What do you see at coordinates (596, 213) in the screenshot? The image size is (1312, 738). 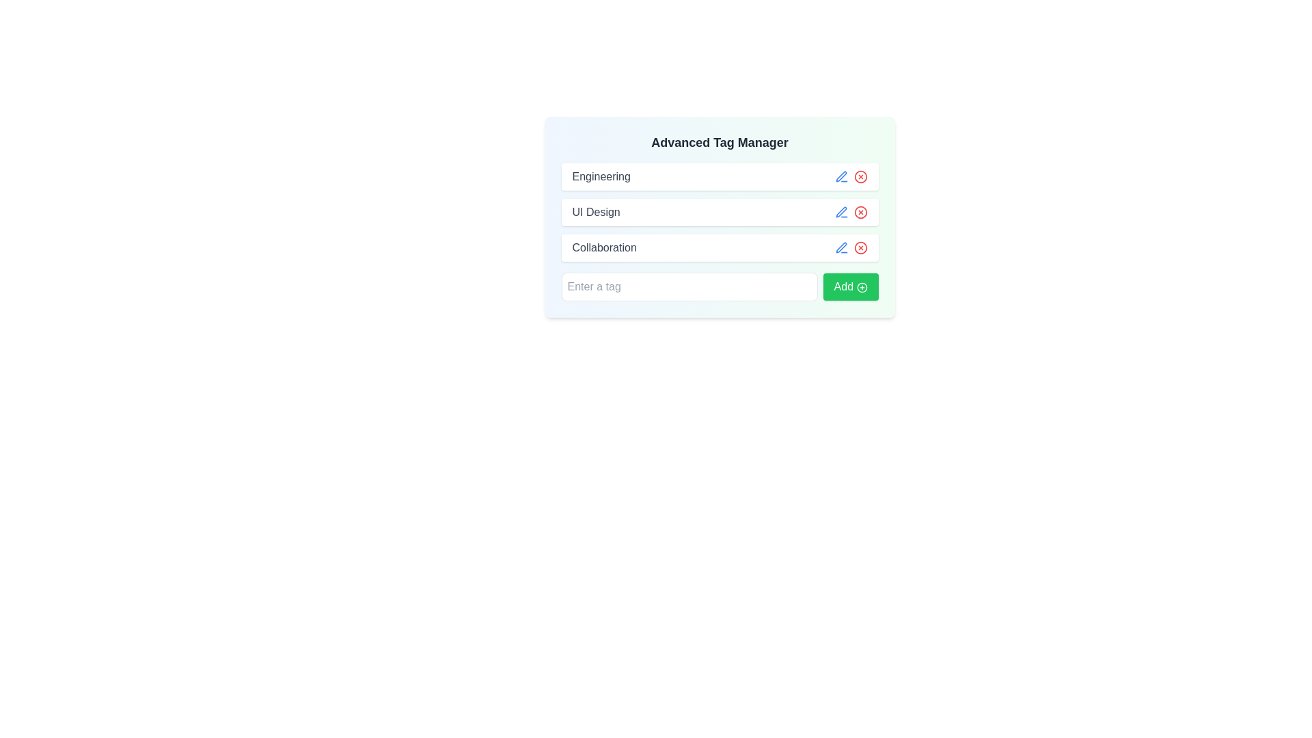 I see `the text label element displaying 'UI Design', which is centrally located in the second row of the tag list in the Advanced Tag Manager interface` at bounding box center [596, 213].